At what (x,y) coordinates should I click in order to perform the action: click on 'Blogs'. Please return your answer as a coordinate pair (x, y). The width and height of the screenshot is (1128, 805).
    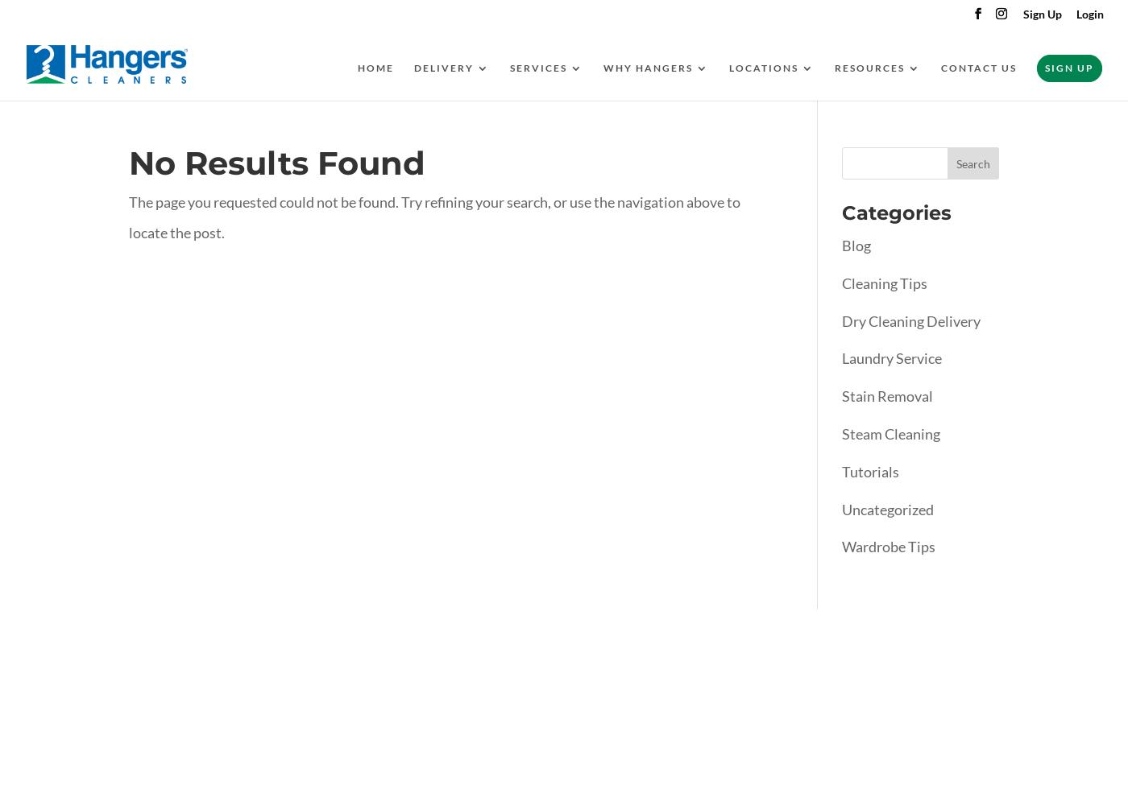
    Looking at the image, I should click on (886, 134).